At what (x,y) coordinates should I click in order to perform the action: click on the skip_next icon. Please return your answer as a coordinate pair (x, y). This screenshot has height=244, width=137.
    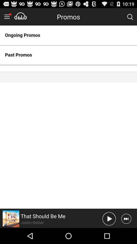
    Looking at the image, I should click on (126, 234).